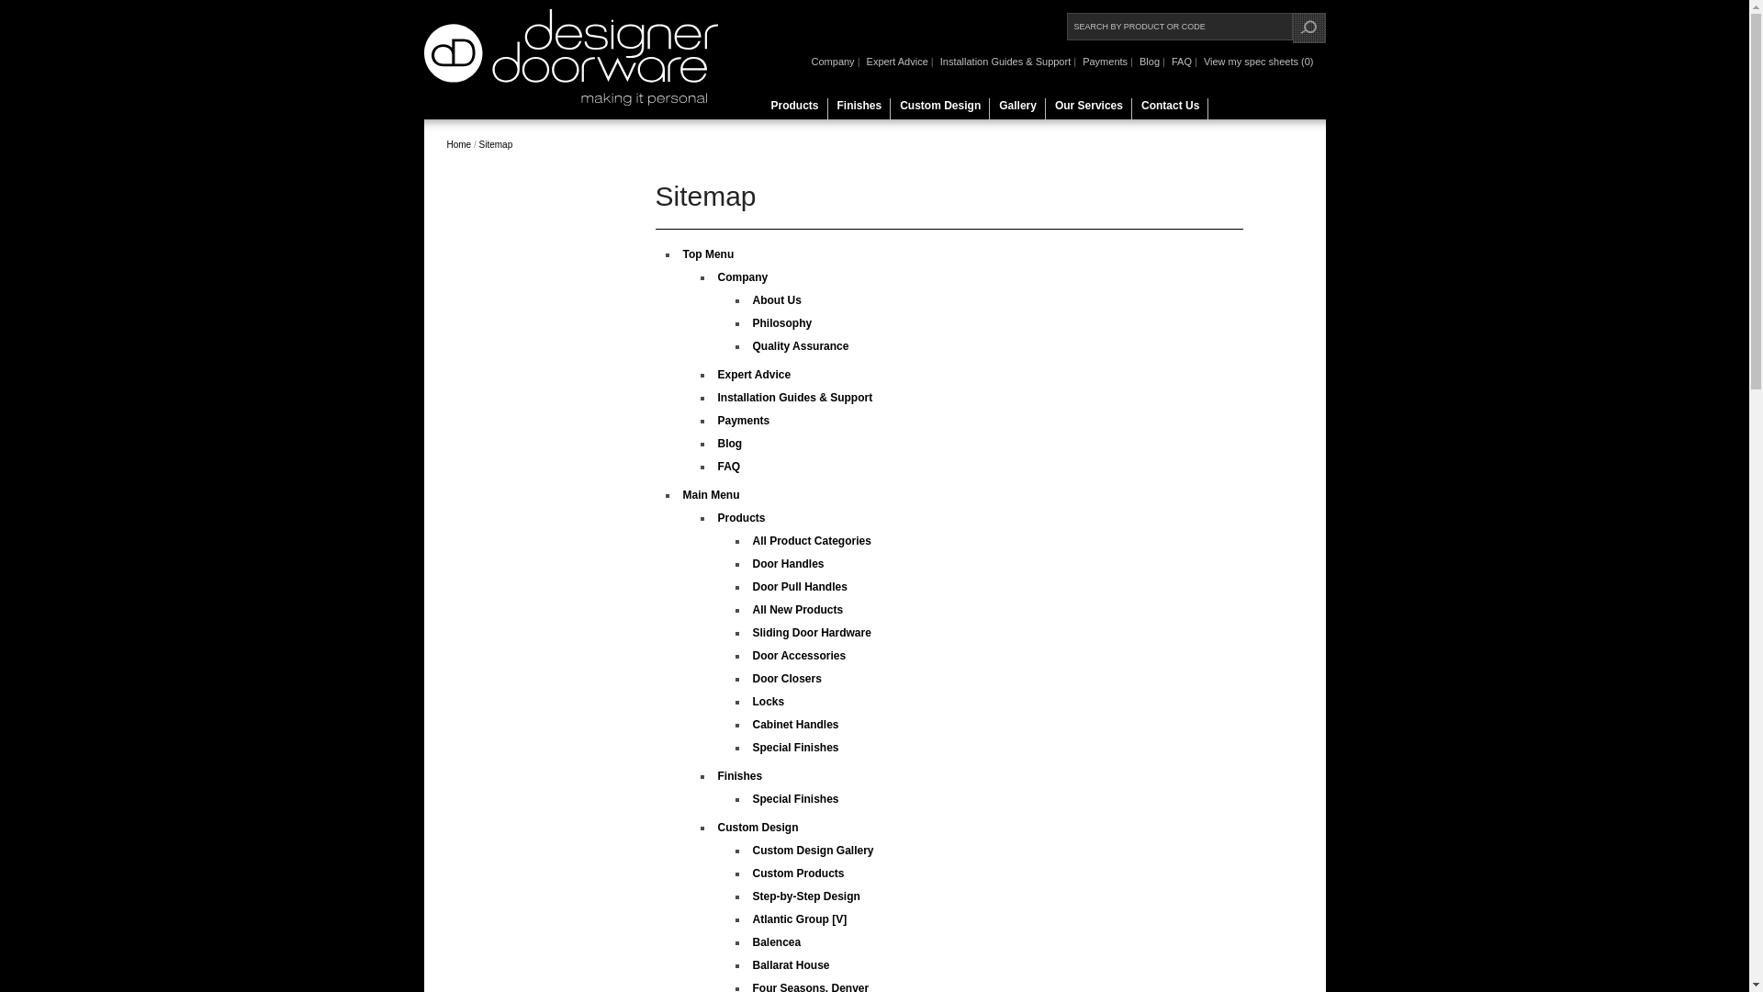 Image resolution: width=1763 pixels, height=992 pixels. What do you see at coordinates (769, 701) in the screenshot?
I see `'Locks'` at bounding box center [769, 701].